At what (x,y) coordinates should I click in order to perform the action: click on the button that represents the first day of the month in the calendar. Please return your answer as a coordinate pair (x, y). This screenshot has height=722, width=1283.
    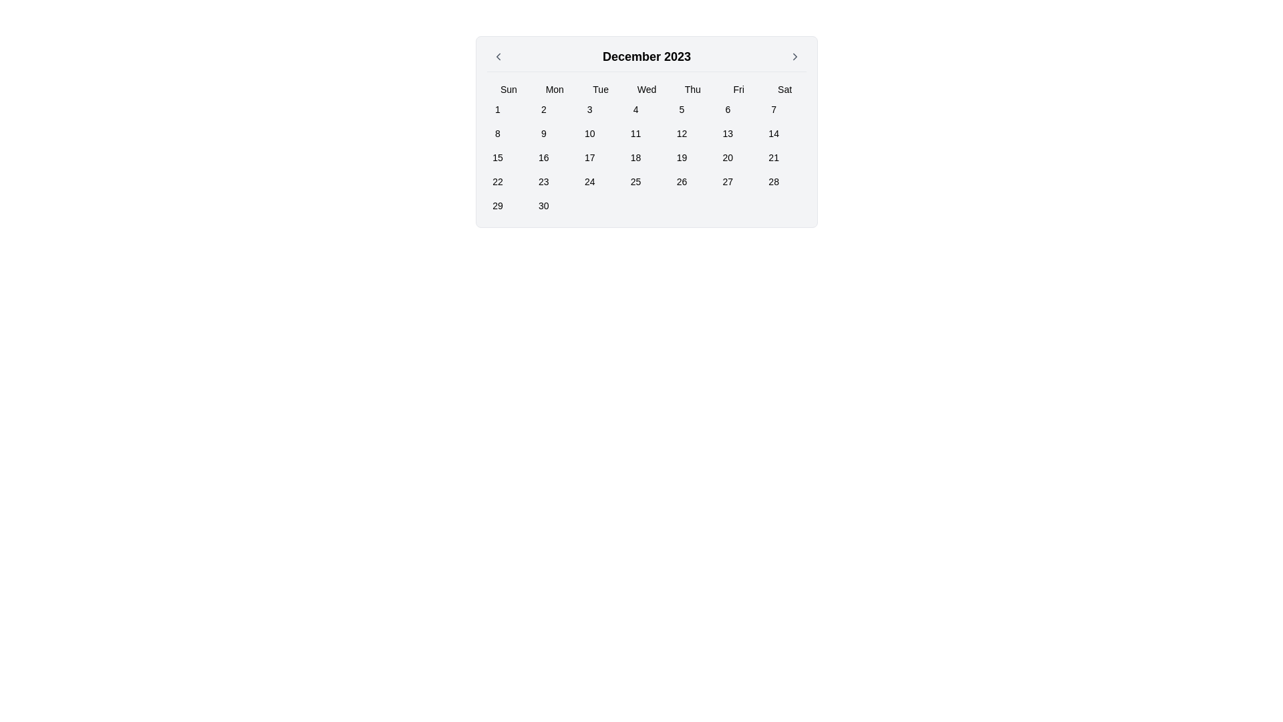
    Looking at the image, I should click on (496, 109).